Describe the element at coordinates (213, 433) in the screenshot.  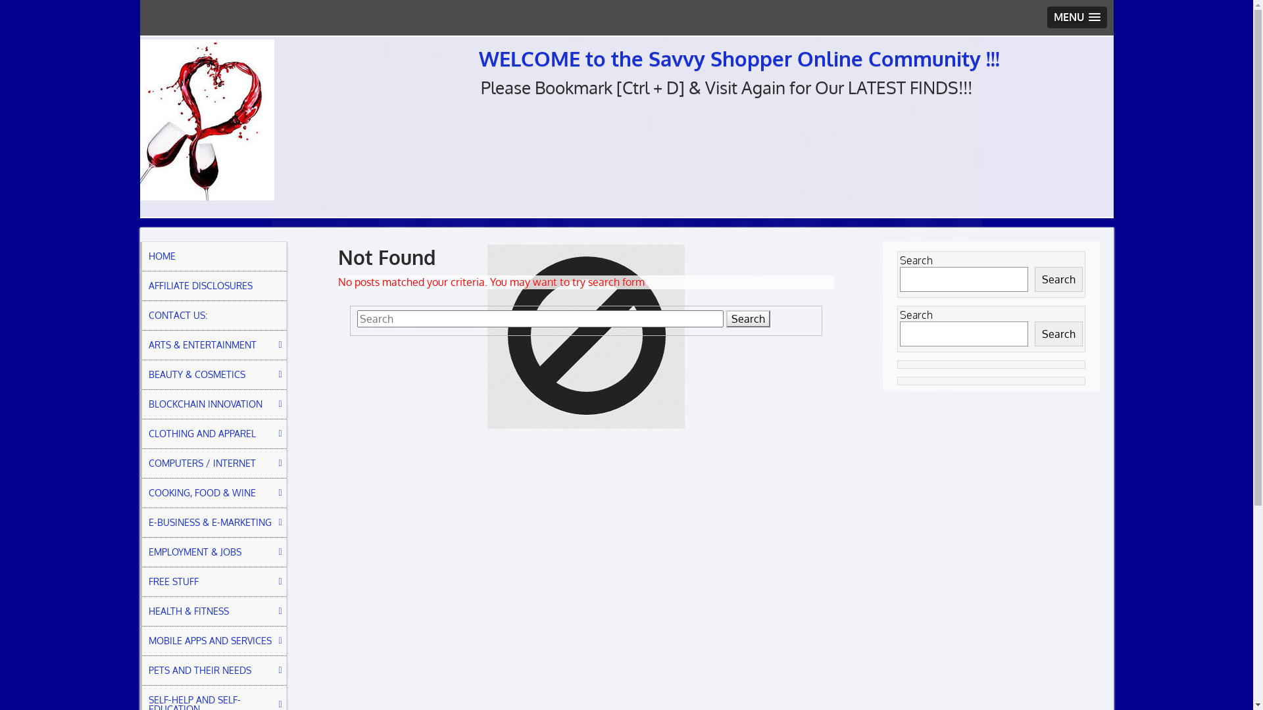
I see `'CLOTHING AND APPAREL'` at that location.